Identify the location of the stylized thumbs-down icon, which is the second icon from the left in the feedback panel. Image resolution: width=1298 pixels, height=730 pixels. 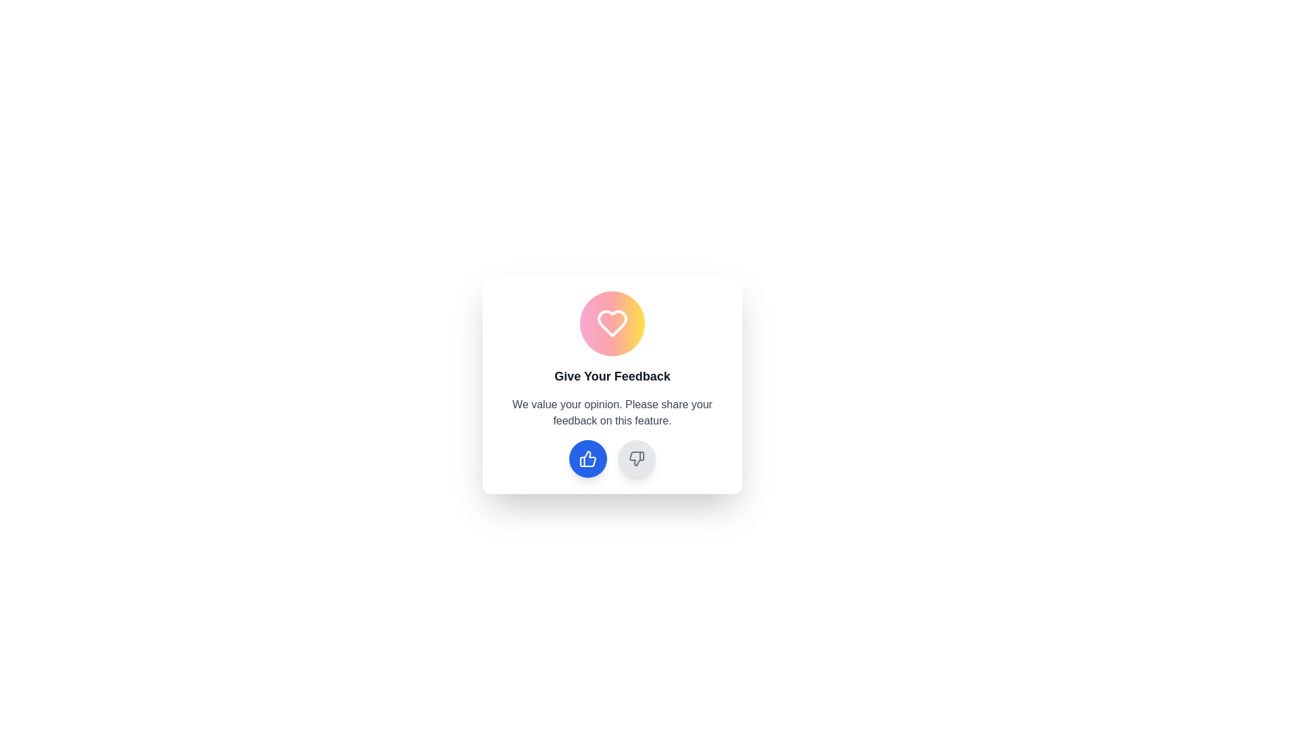
(636, 458).